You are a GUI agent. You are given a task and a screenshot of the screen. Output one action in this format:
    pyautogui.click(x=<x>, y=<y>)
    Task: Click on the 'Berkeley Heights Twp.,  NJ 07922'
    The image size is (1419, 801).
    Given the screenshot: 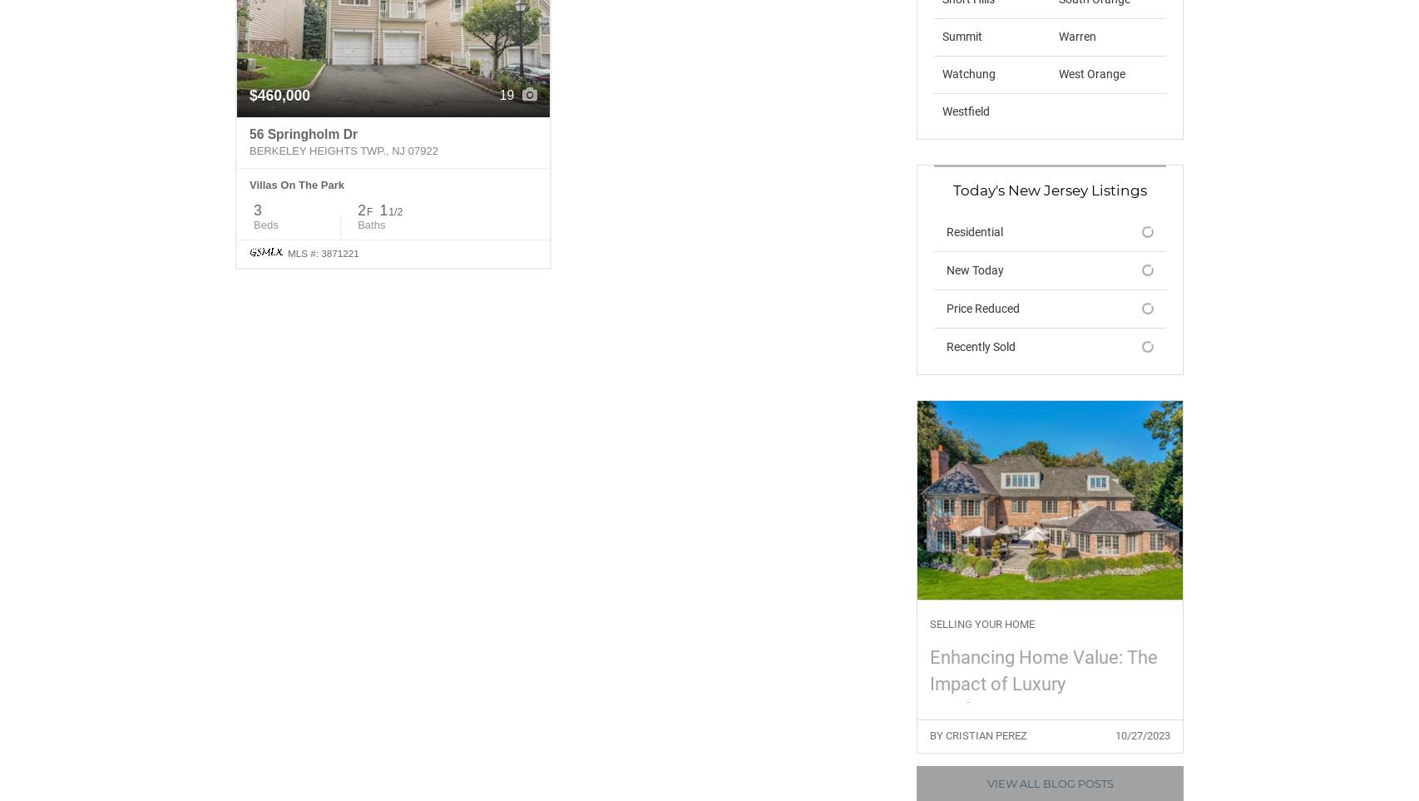 What is the action you would take?
    pyautogui.click(x=249, y=150)
    